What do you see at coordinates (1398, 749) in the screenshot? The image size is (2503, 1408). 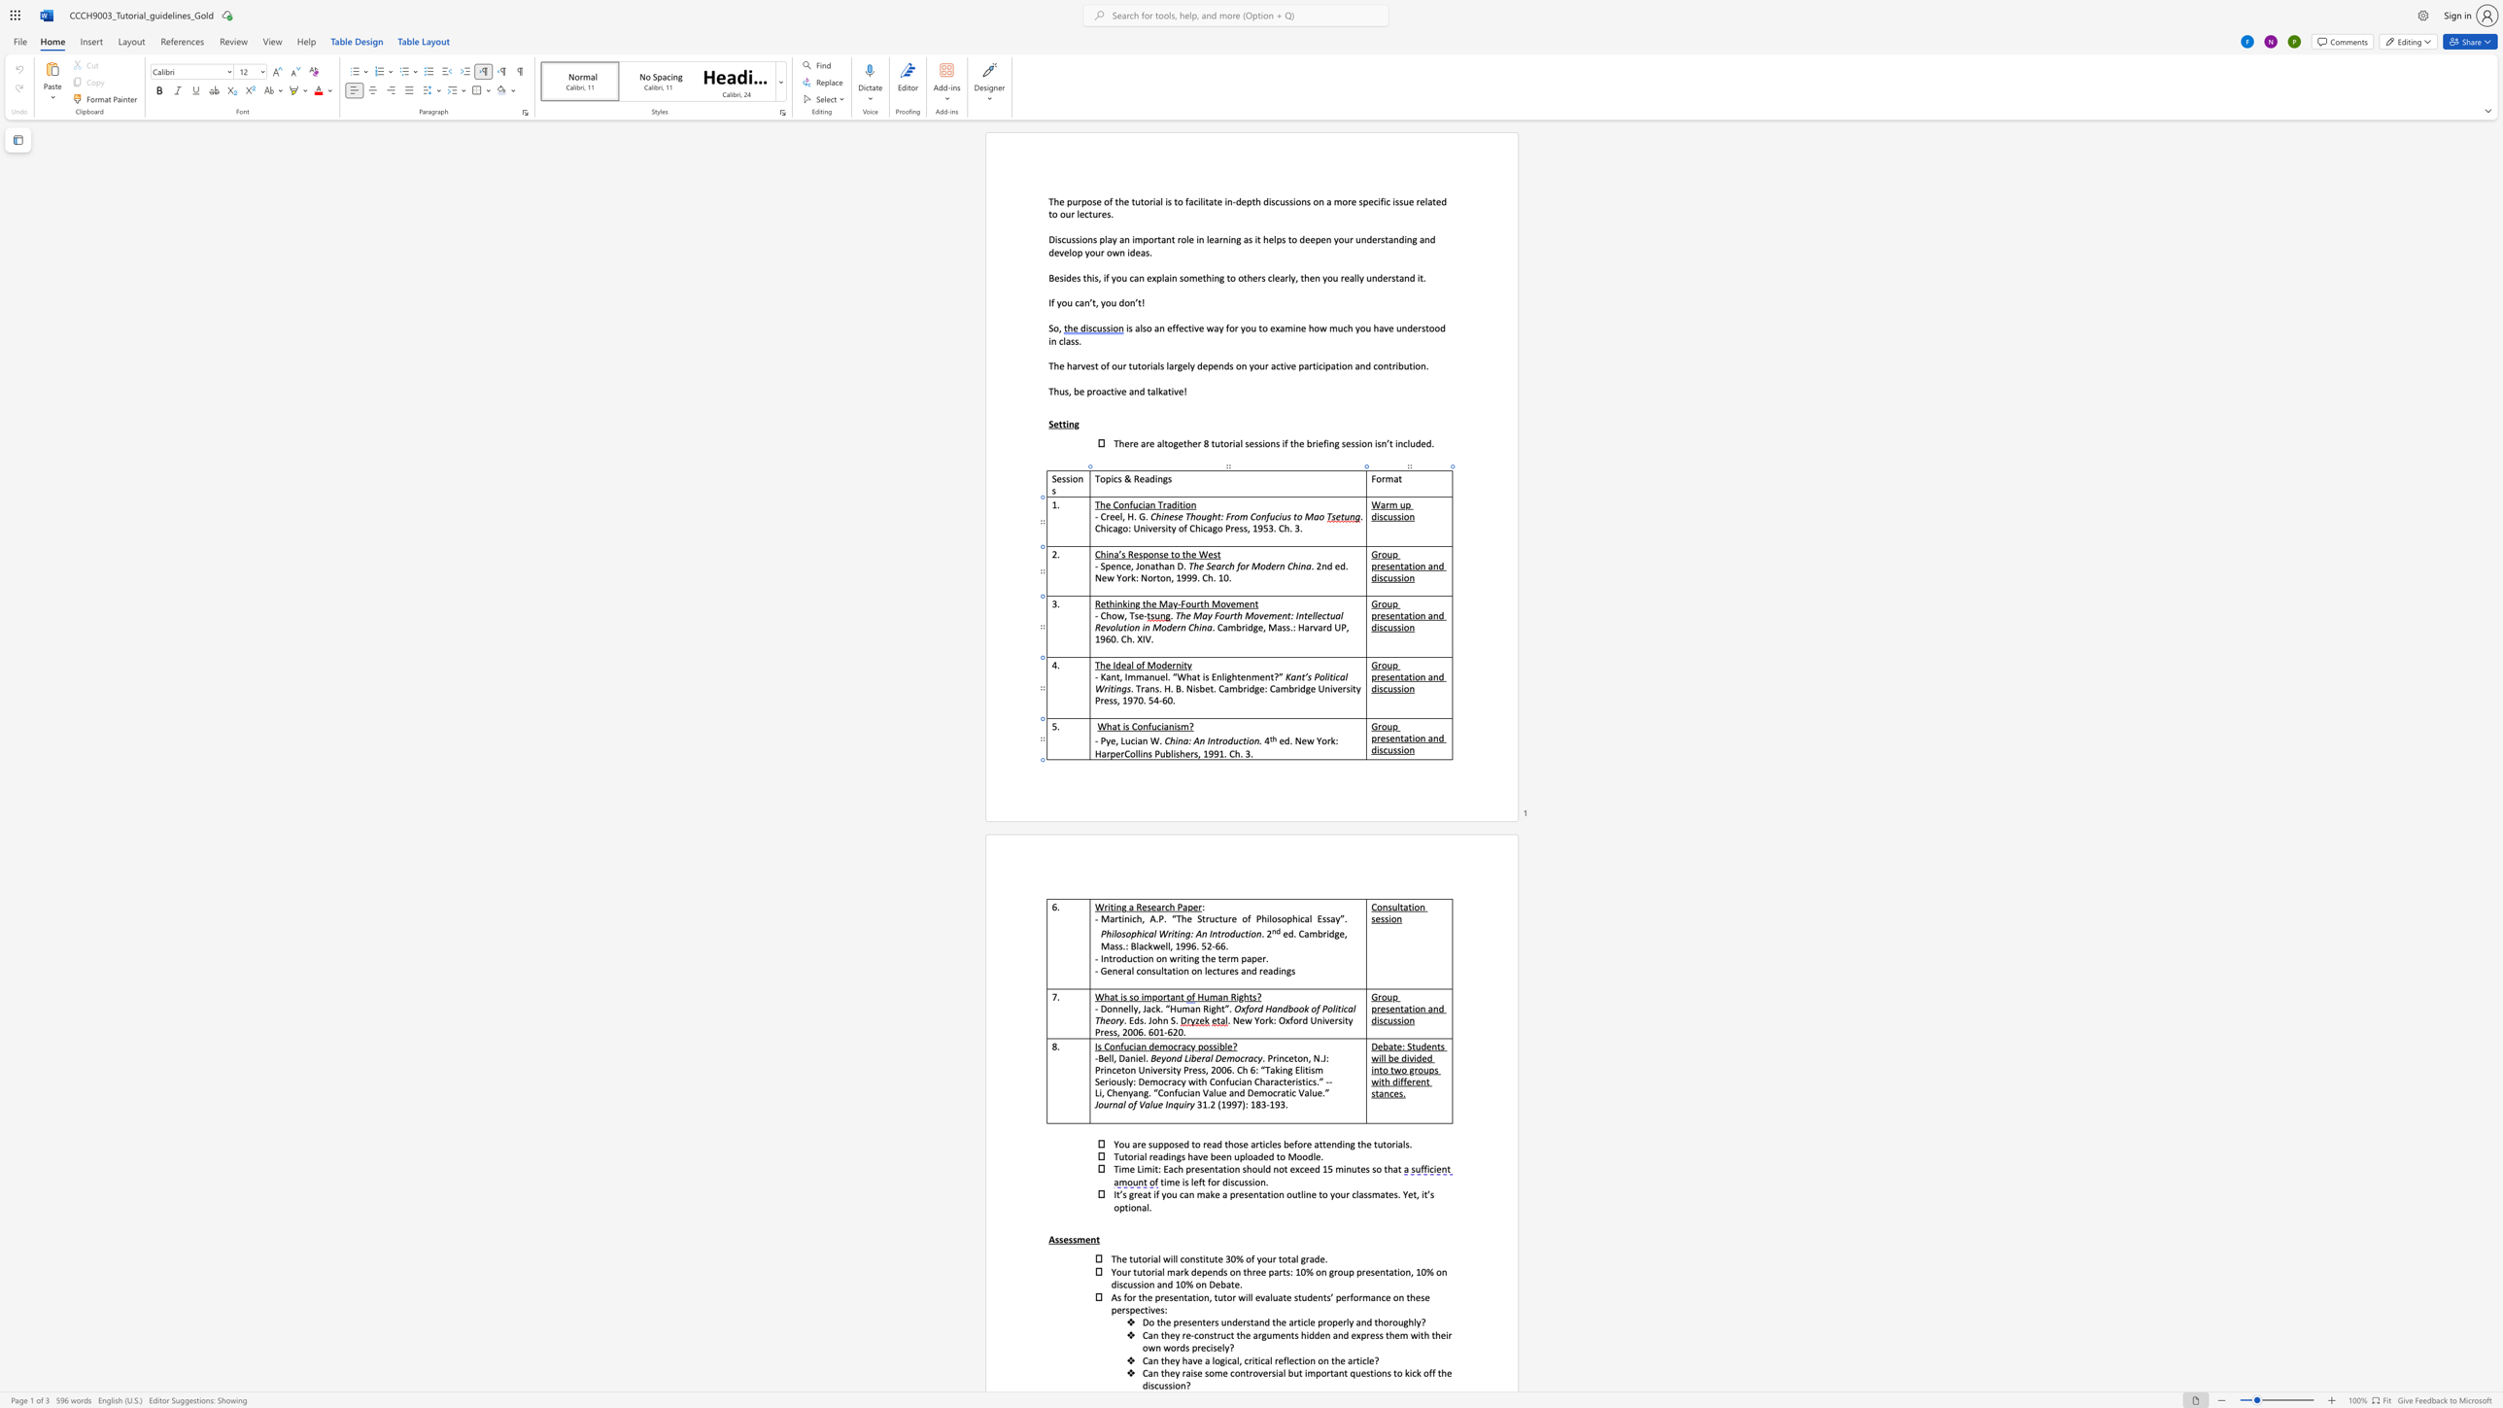 I see `the 4th character "s" in the text` at bounding box center [1398, 749].